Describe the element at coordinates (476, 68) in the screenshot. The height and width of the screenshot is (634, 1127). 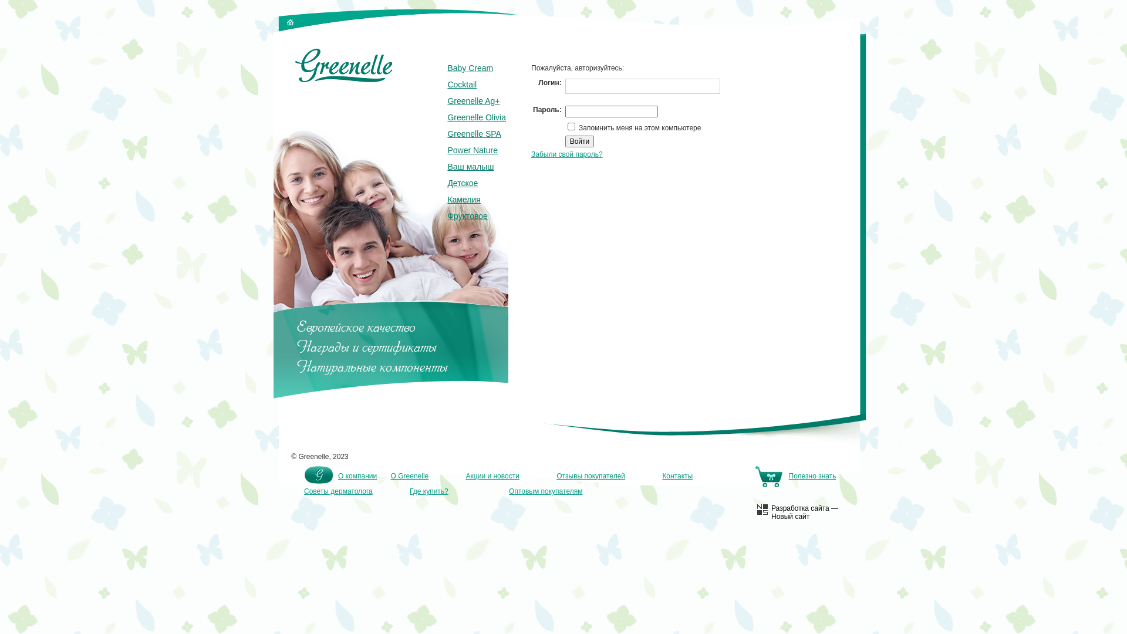
I see `'Baby Cream'` at that location.